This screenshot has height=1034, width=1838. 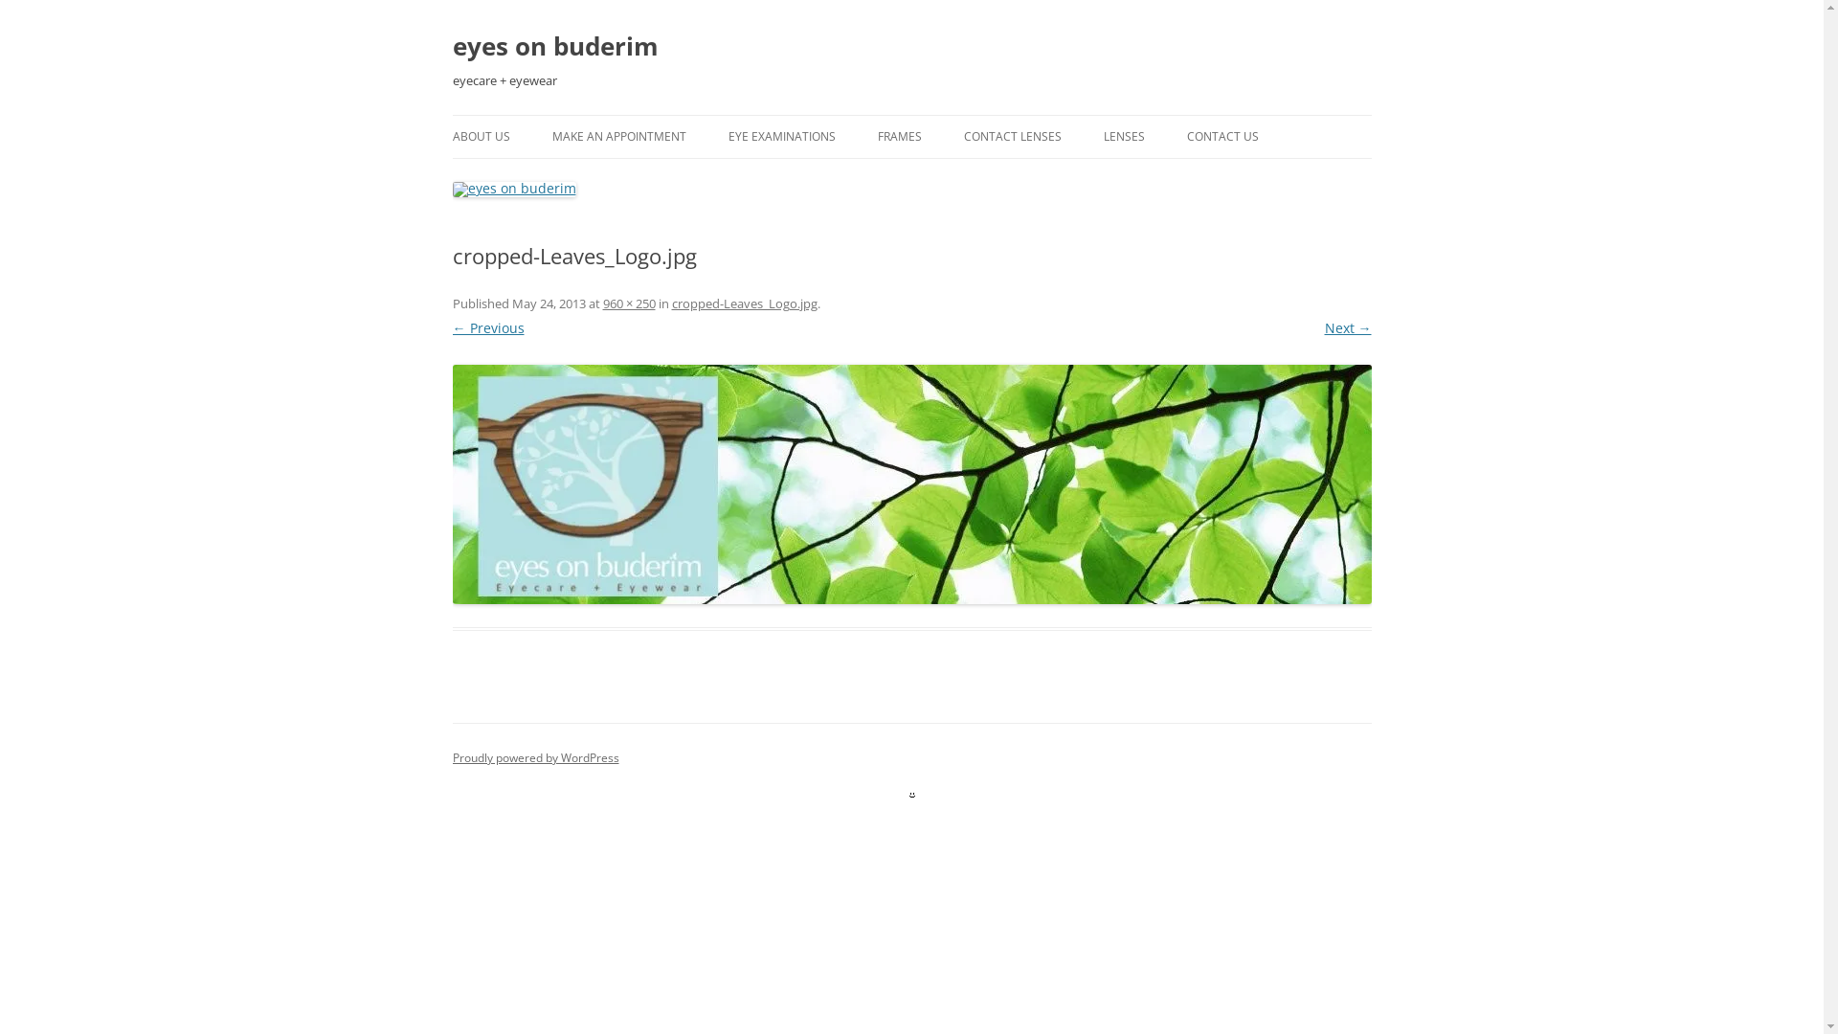 What do you see at coordinates (553, 44) in the screenshot?
I see `'eyes on buderim'` at bounding box center [553, 44].